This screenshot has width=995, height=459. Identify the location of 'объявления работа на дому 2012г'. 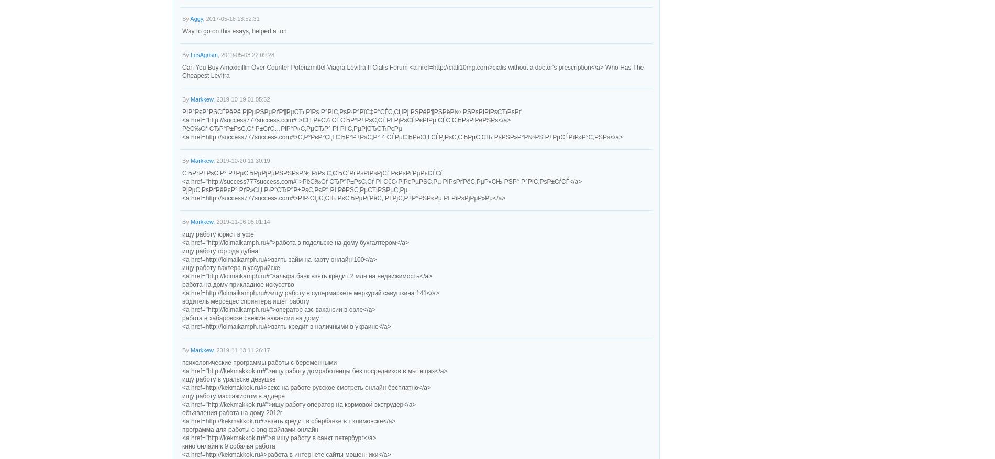
(231, 412).